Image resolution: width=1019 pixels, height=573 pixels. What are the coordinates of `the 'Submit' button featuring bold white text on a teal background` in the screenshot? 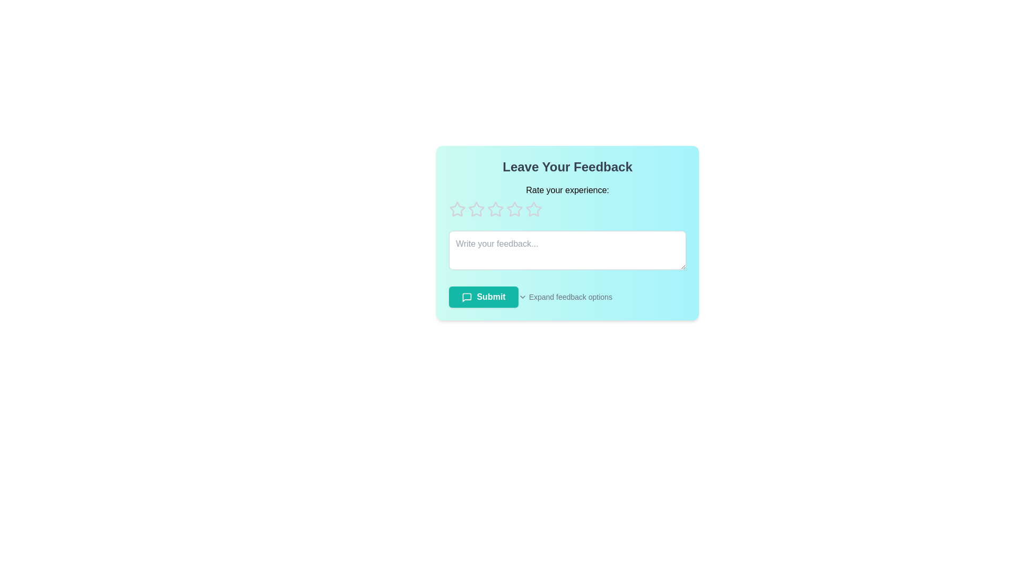 It's located at (483, 297).